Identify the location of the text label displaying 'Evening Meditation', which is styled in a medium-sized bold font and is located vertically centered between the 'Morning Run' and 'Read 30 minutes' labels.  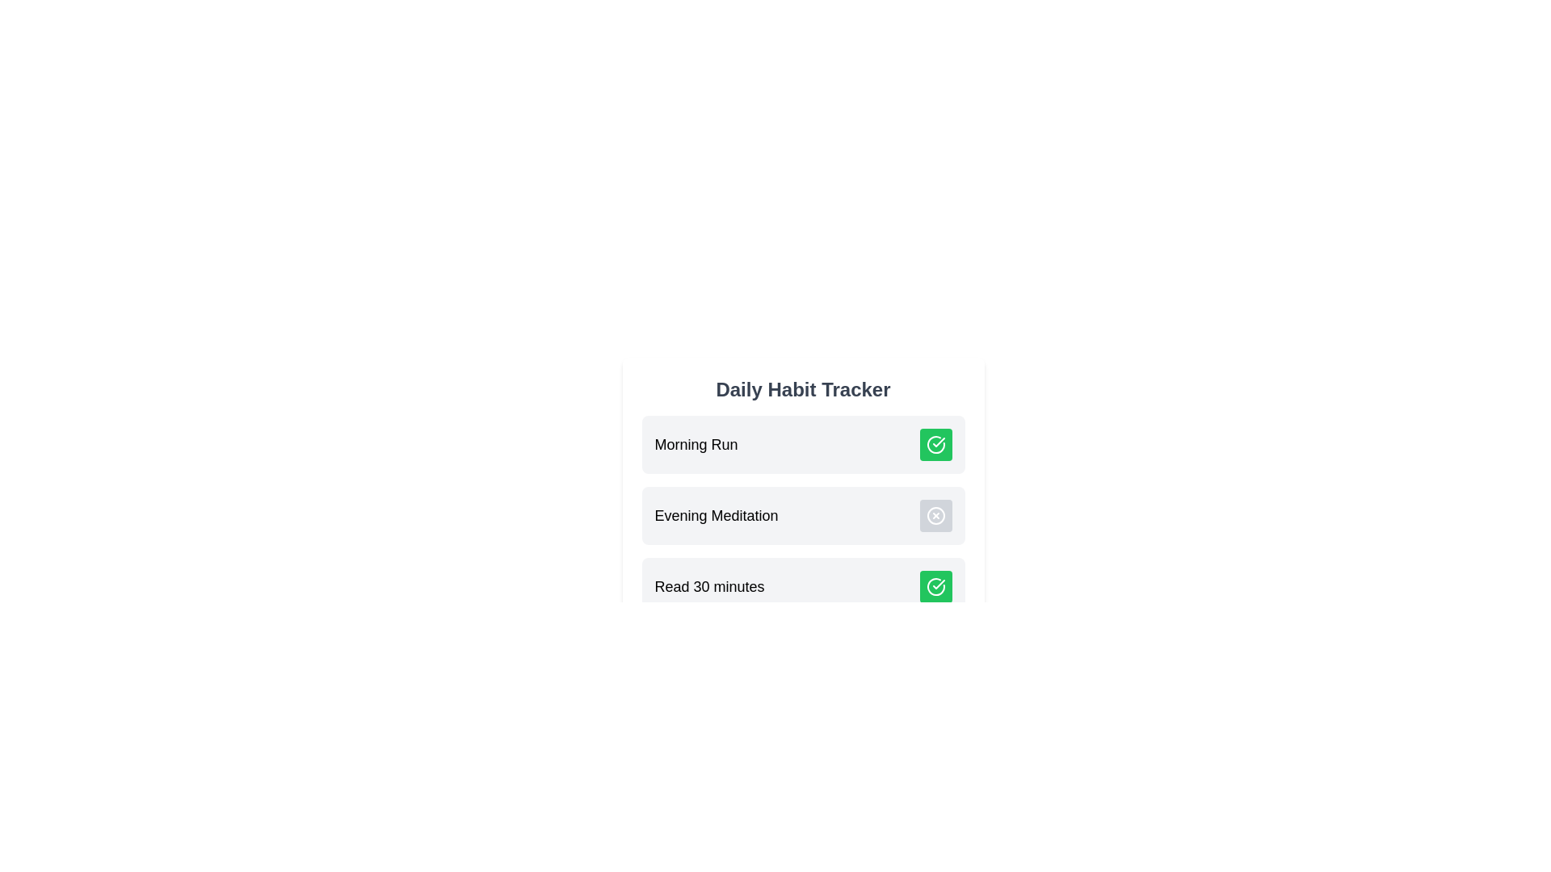
(716, 516).